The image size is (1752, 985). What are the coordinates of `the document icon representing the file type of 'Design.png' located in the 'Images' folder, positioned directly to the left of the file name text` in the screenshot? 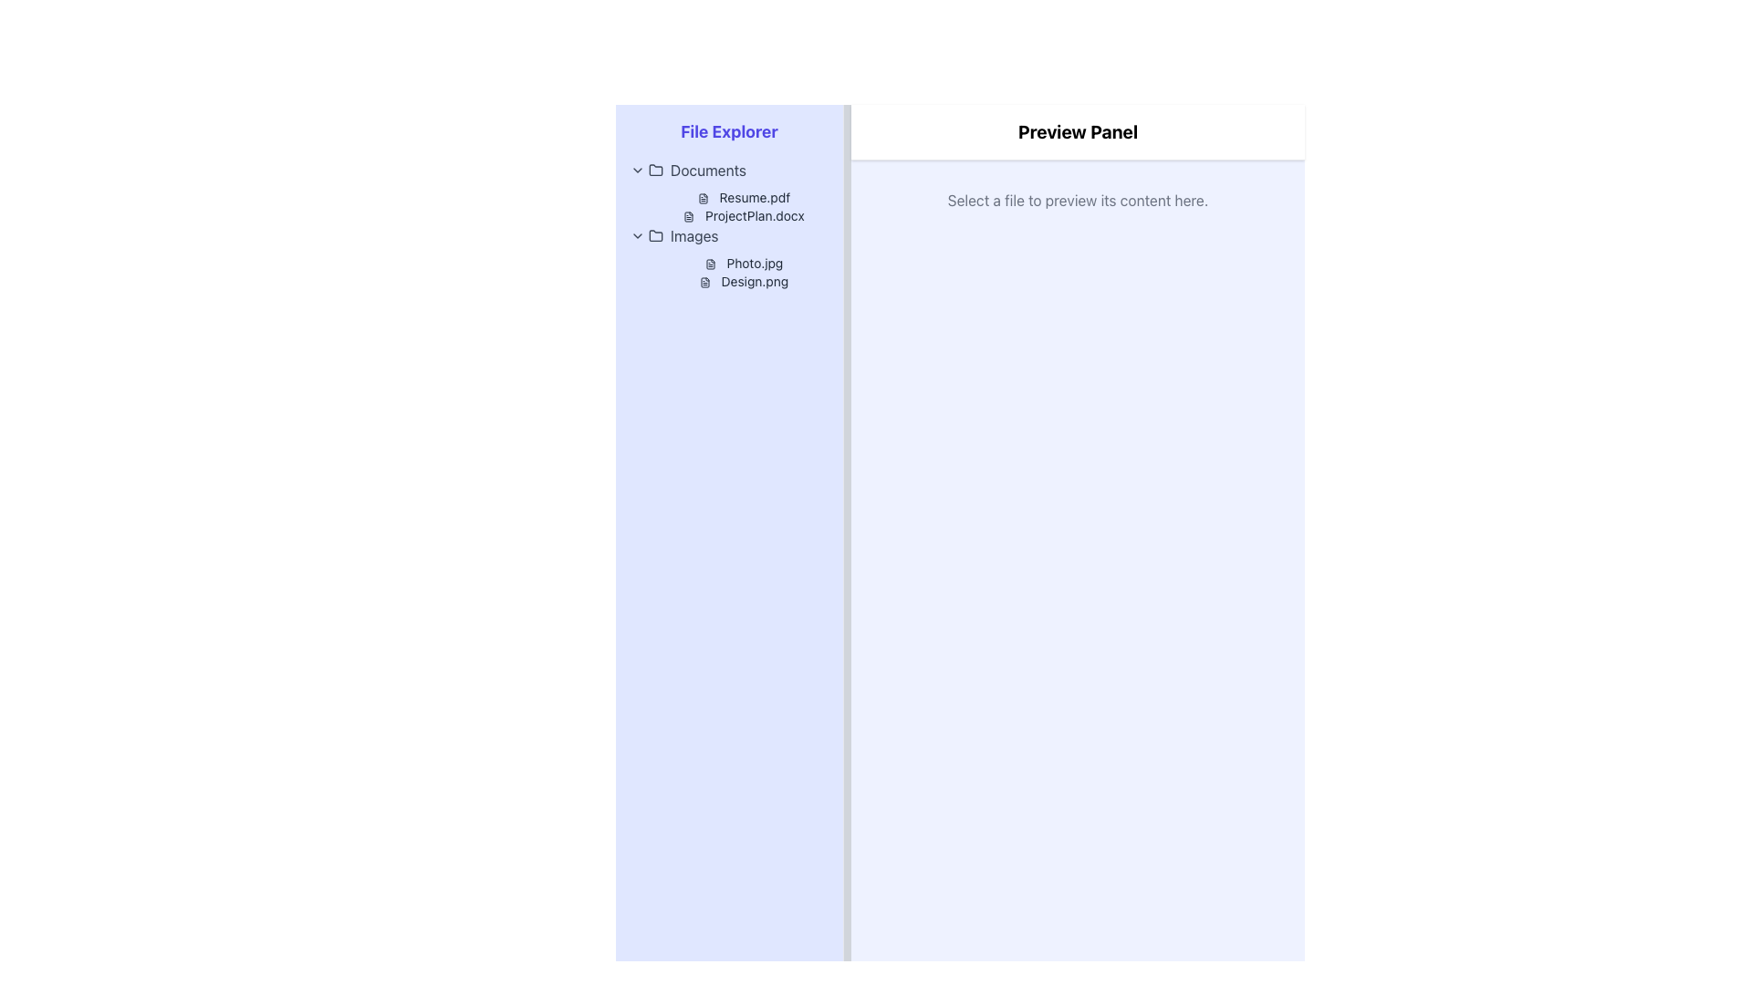 It's located at (704, 283).